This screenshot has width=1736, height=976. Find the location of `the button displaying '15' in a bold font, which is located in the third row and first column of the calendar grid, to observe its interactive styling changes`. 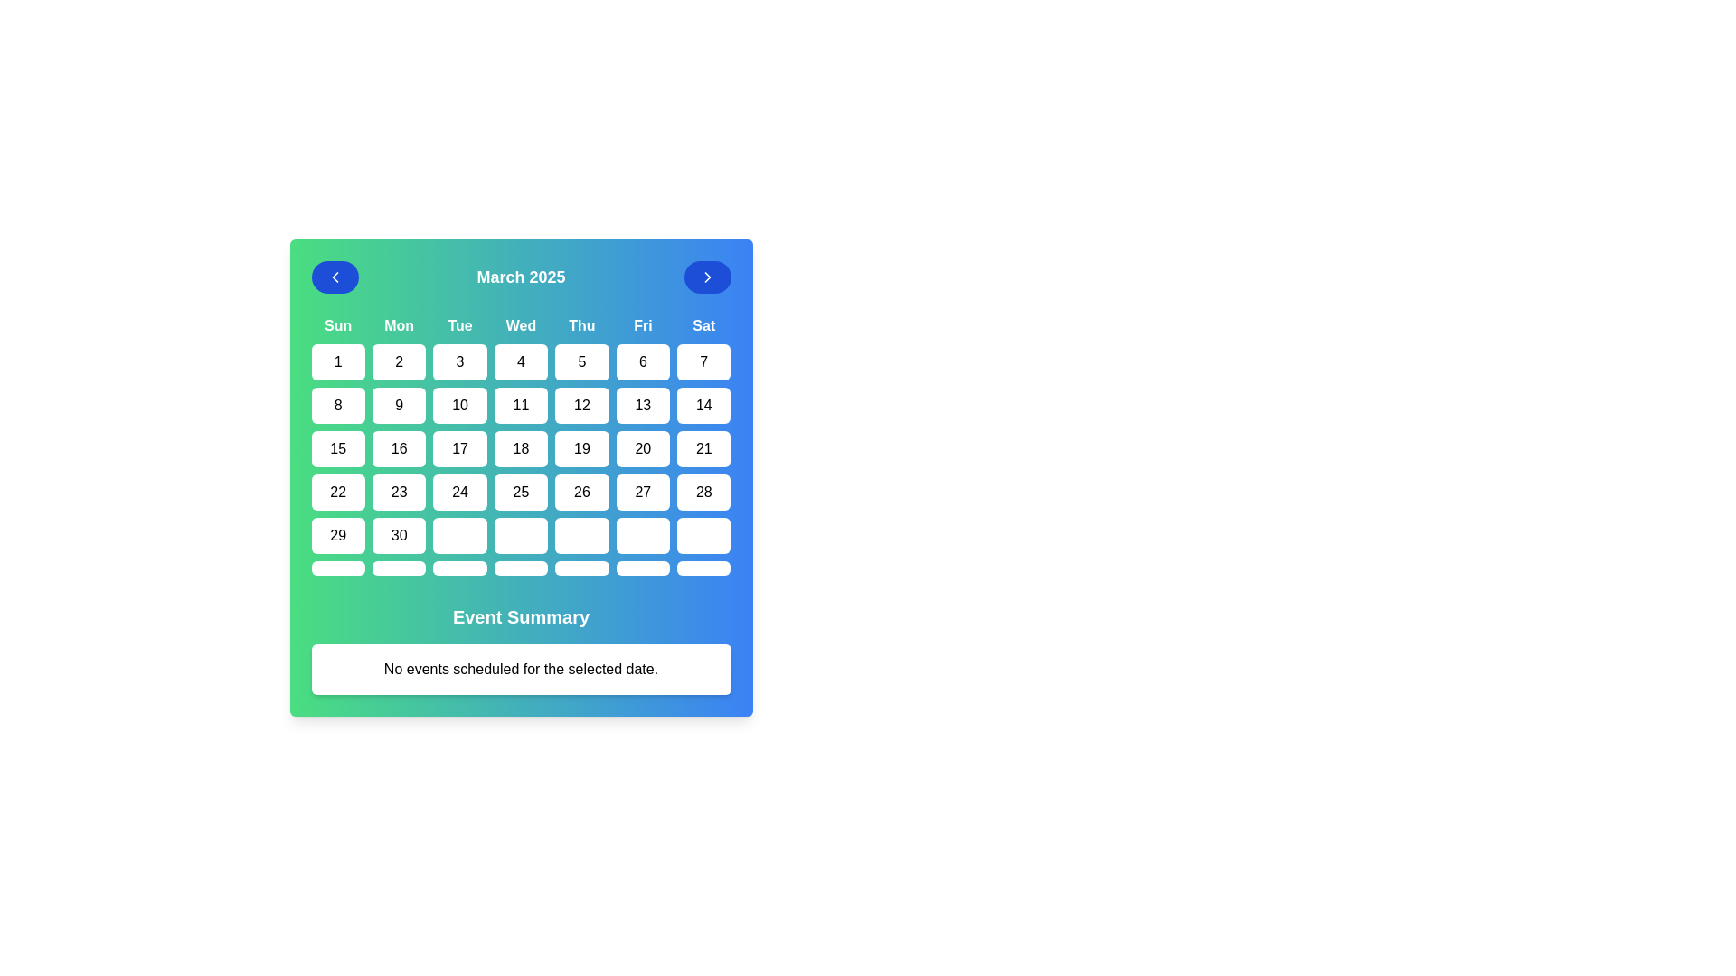

the button displaying '15' in a bold font, which is located in the third row and first column of the calendar grid, to observe its interactive styling changes is located at coordinates (338, 448).